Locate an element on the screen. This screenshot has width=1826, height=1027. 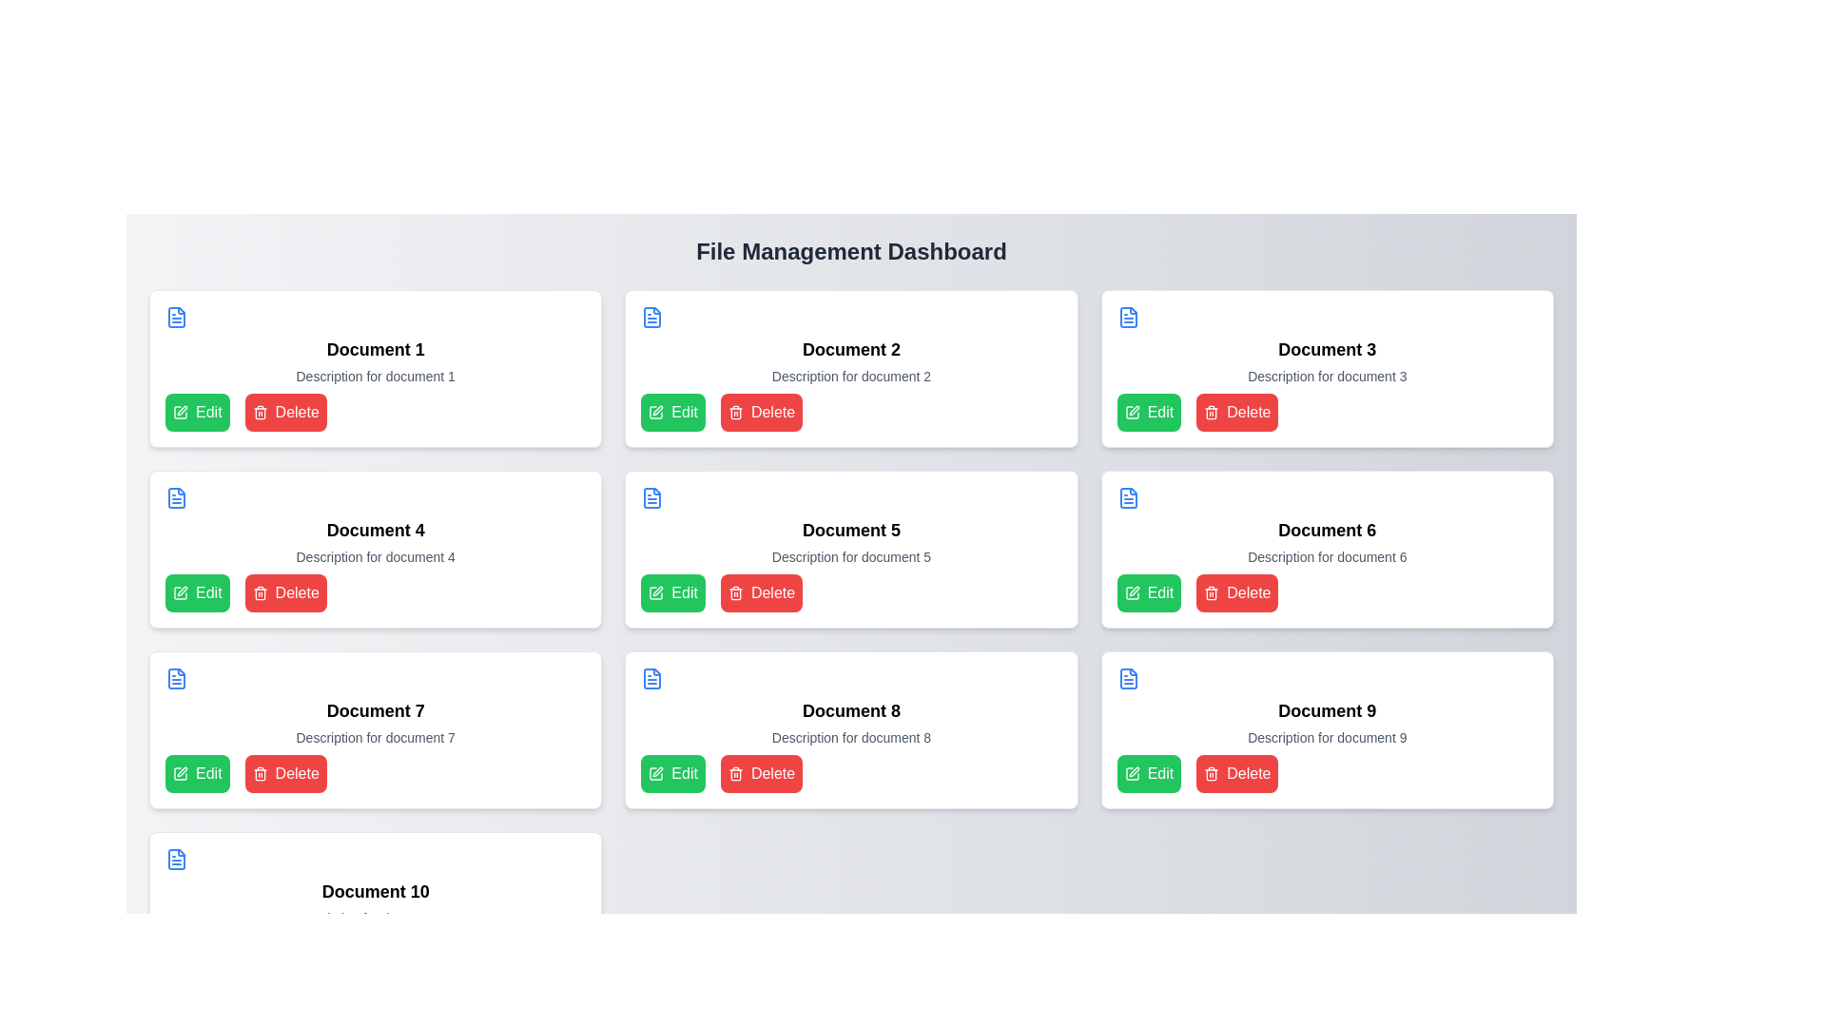
the 'Delete' button with a red background and white text, located at the bottom-right corner of the 'Document 9' card is located at coordinates (1237, 773).